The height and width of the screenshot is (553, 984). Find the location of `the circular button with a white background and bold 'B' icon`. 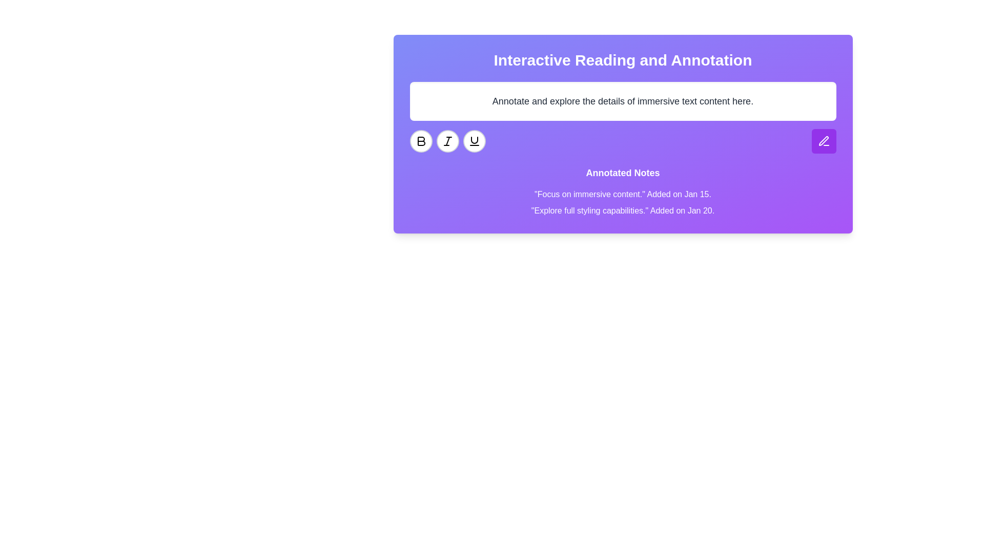

the circular button with a white background and bold 'B' icon is located at coordinates (421, 141).